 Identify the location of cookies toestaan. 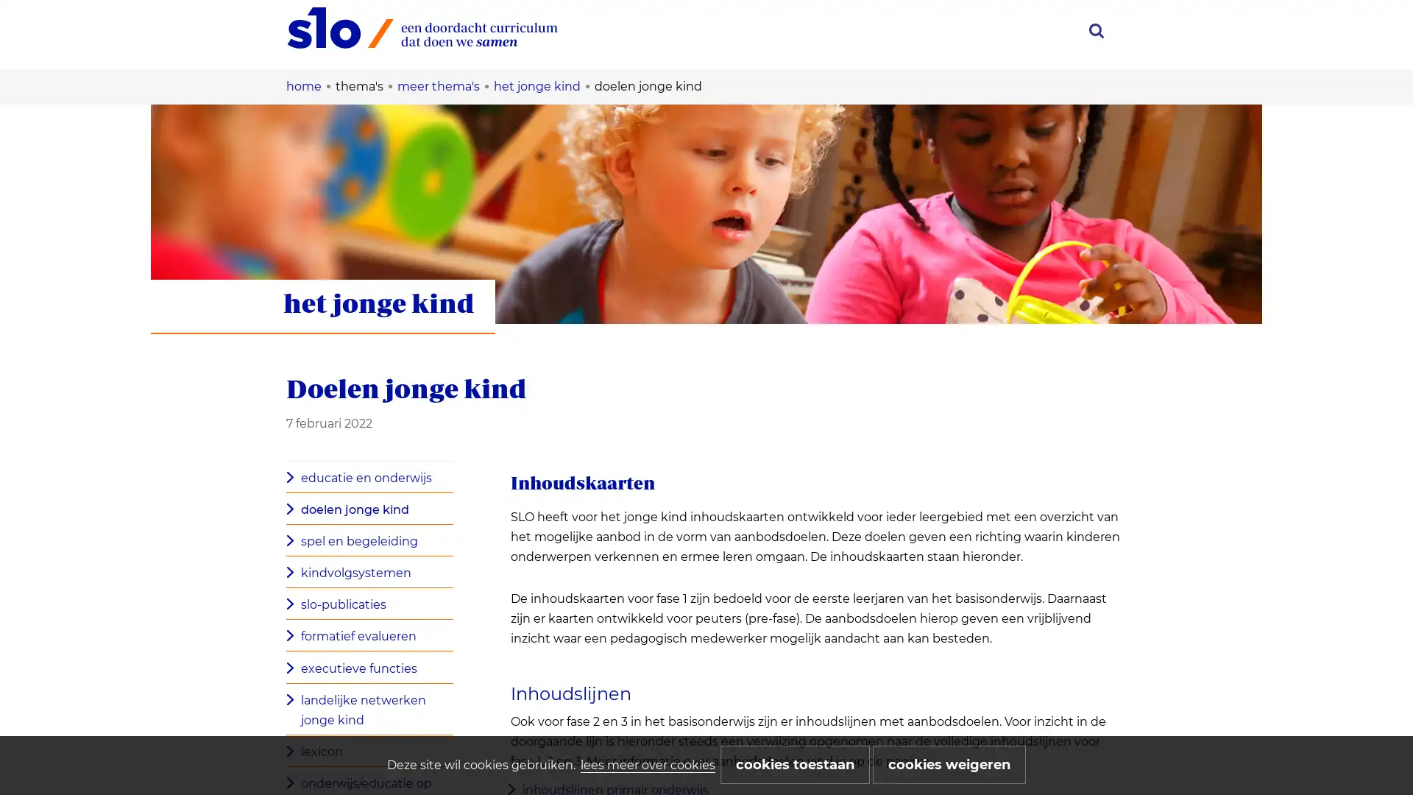
(794, 763).